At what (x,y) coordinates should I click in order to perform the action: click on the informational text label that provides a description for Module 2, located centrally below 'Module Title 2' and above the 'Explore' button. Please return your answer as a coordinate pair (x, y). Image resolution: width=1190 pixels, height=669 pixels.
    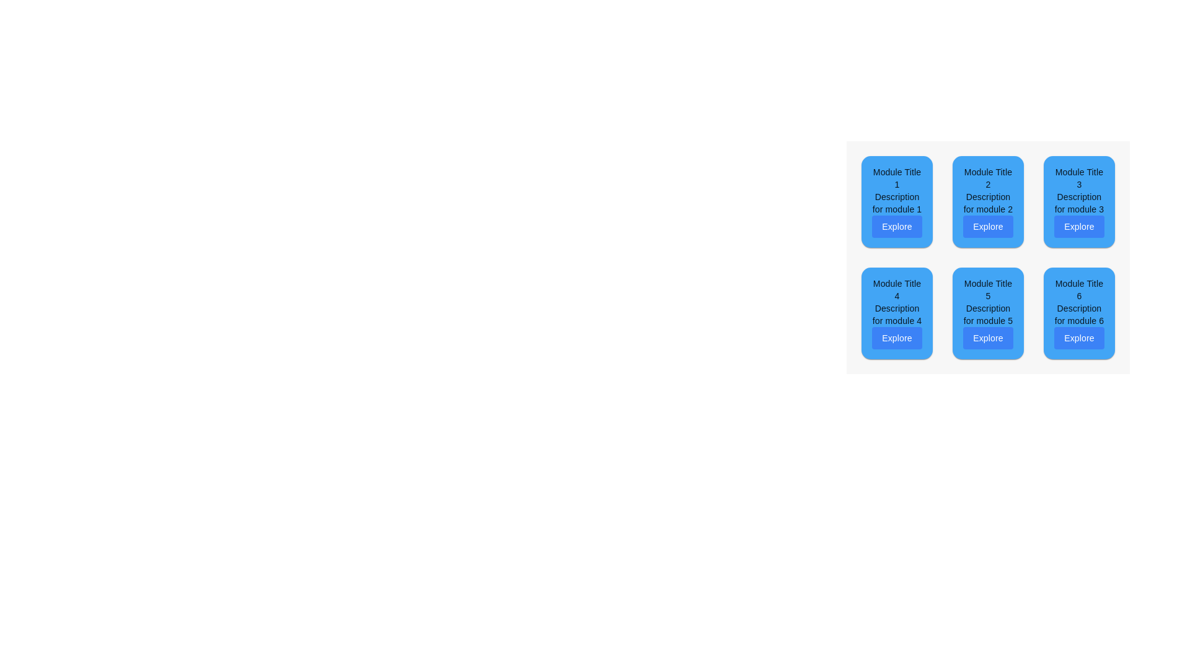
    Looking at the image, I should click on (987, 203).